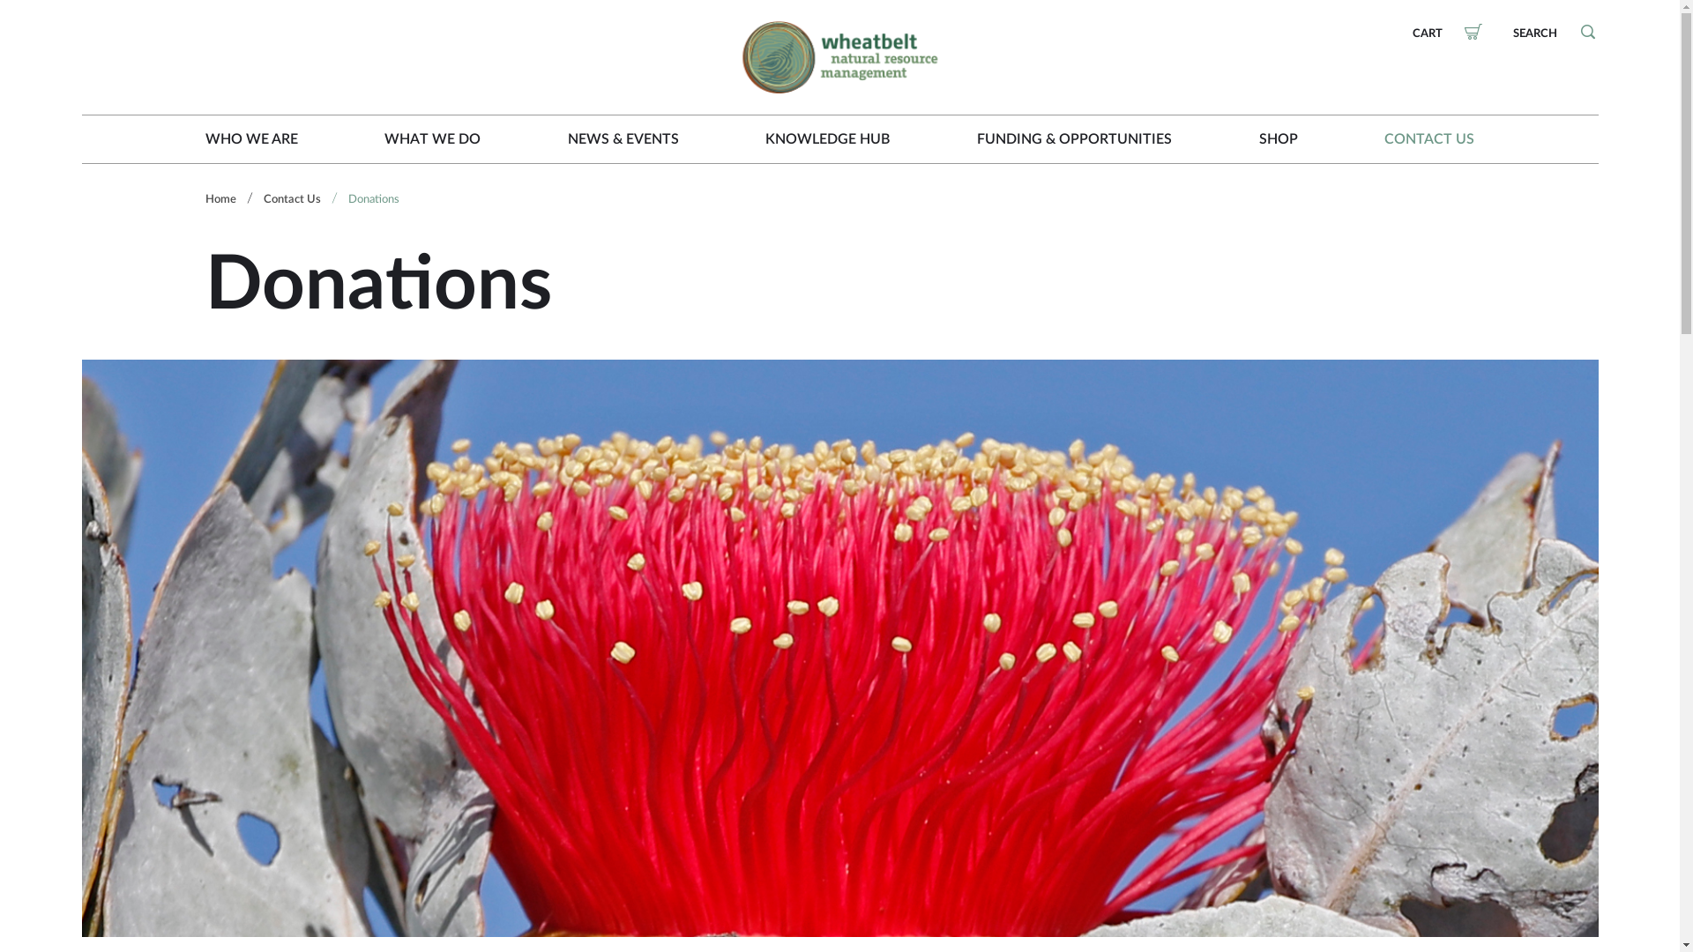 This screenshot has width=1693, height=952. Describe the element at coordinates (1073, 138) in the screenshot. I see `'FUNDING & OPPORTUNITIES'` at that location.